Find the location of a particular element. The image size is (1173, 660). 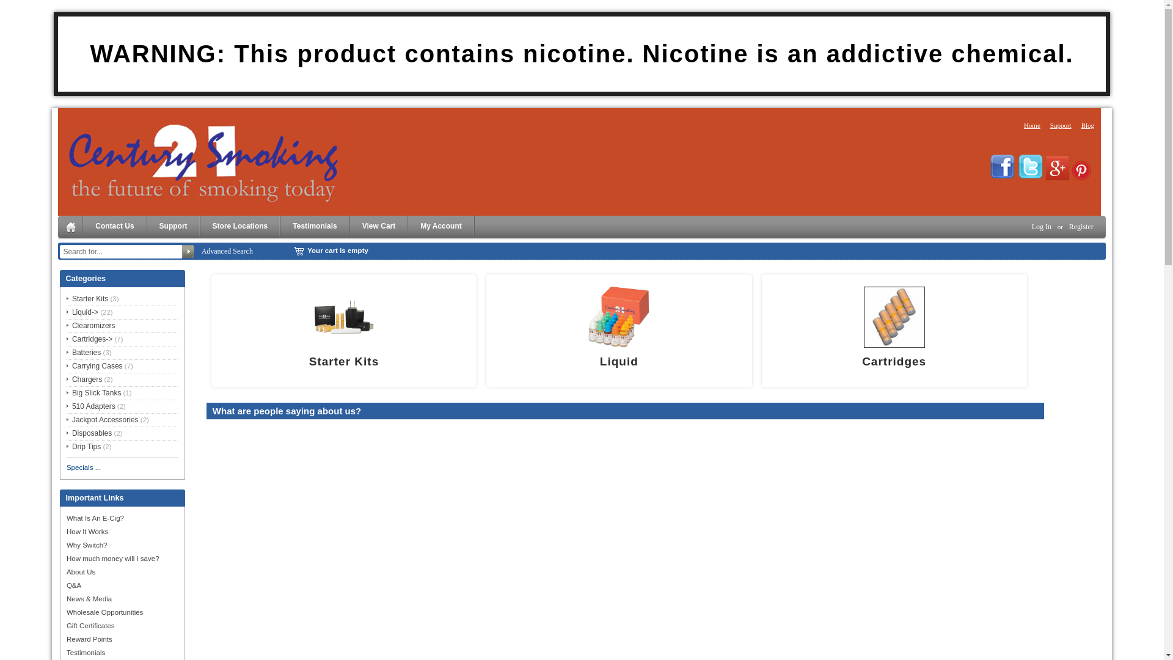

'Chargers' is located at coordinates (84, 379).